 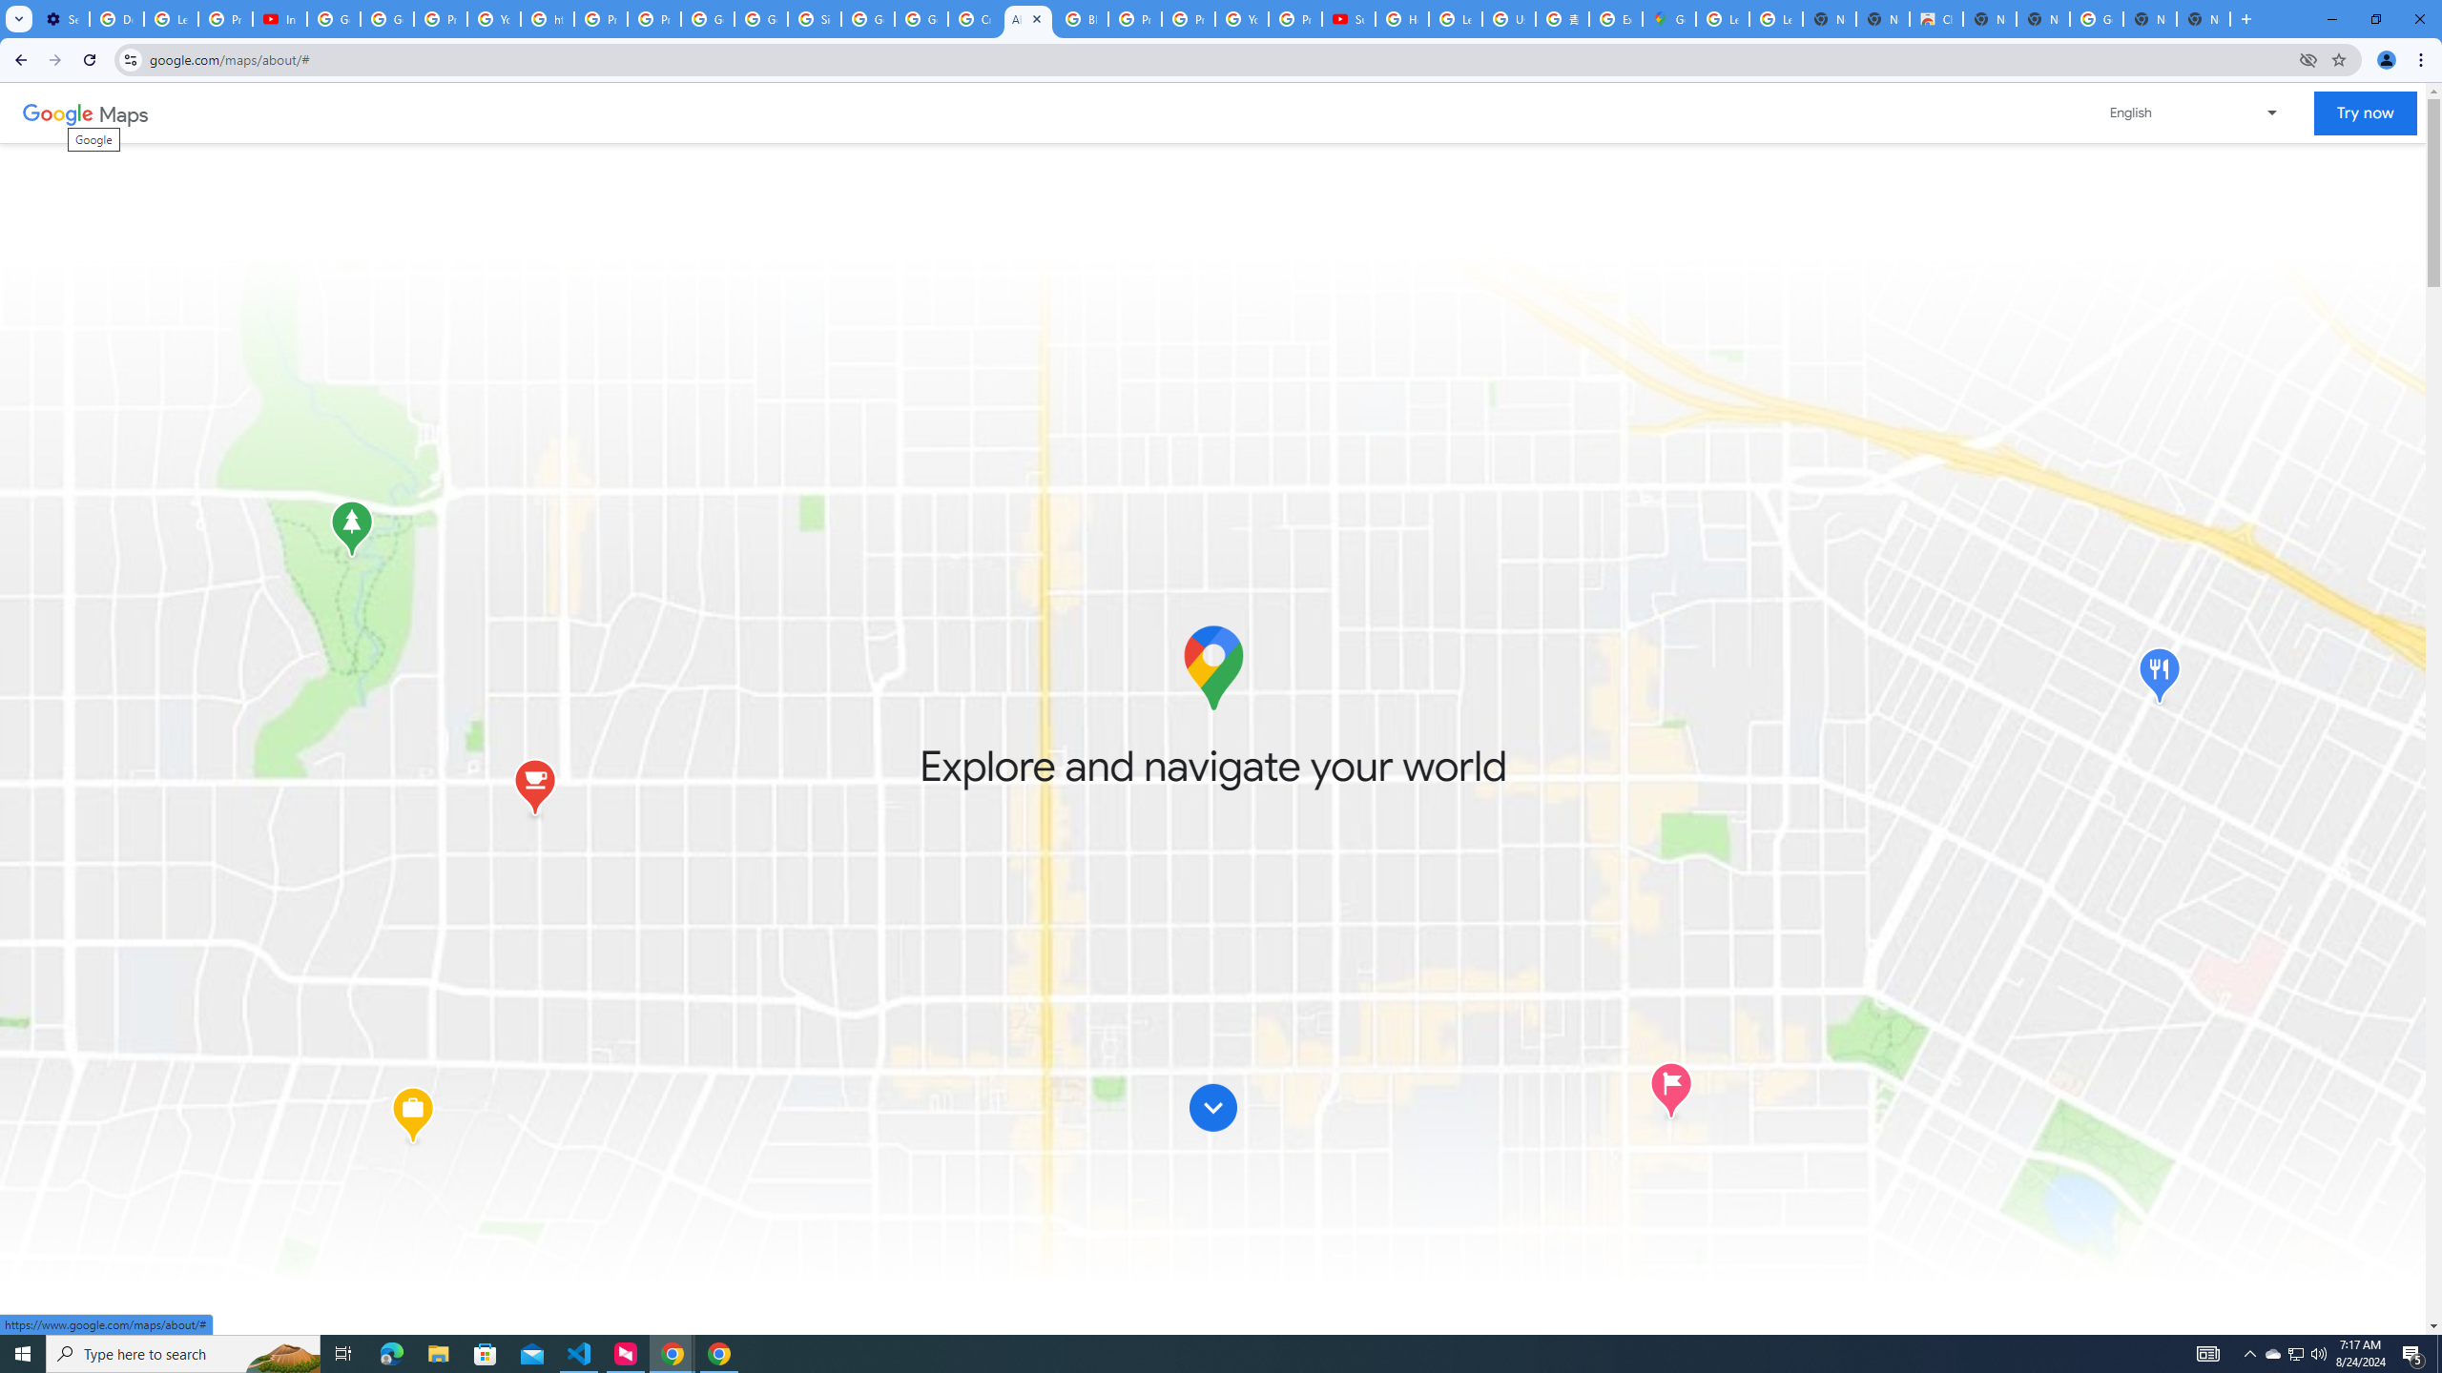 What do you see at coordinates (1081, 18) in the screenshot?
I see `'Blogger Policies and Guidelines - Transparency Center'` at bounding box center [1081, 18].